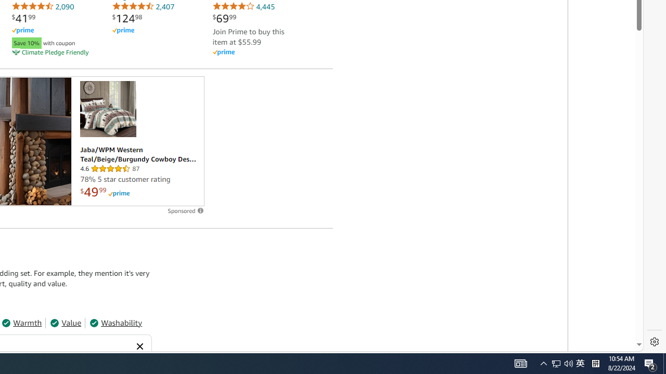  Describe the element at coordinates (65, 322) in the screenshot. I see `'Value'` at that location.